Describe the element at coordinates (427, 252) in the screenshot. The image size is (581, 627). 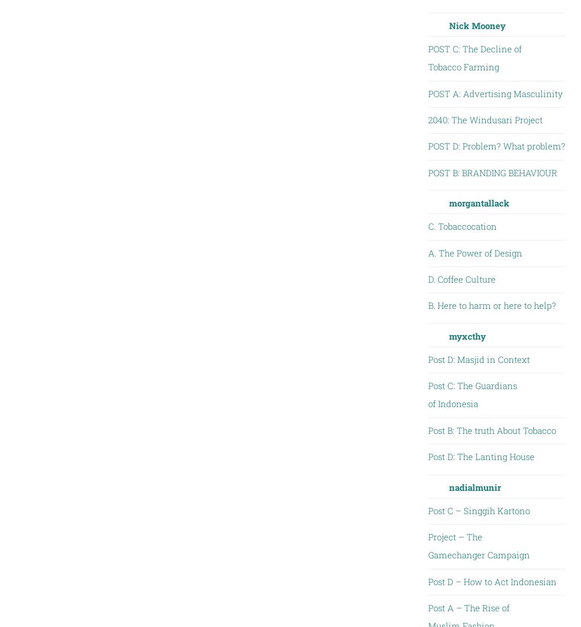
I see `'A. The Power of Design'` at that location.